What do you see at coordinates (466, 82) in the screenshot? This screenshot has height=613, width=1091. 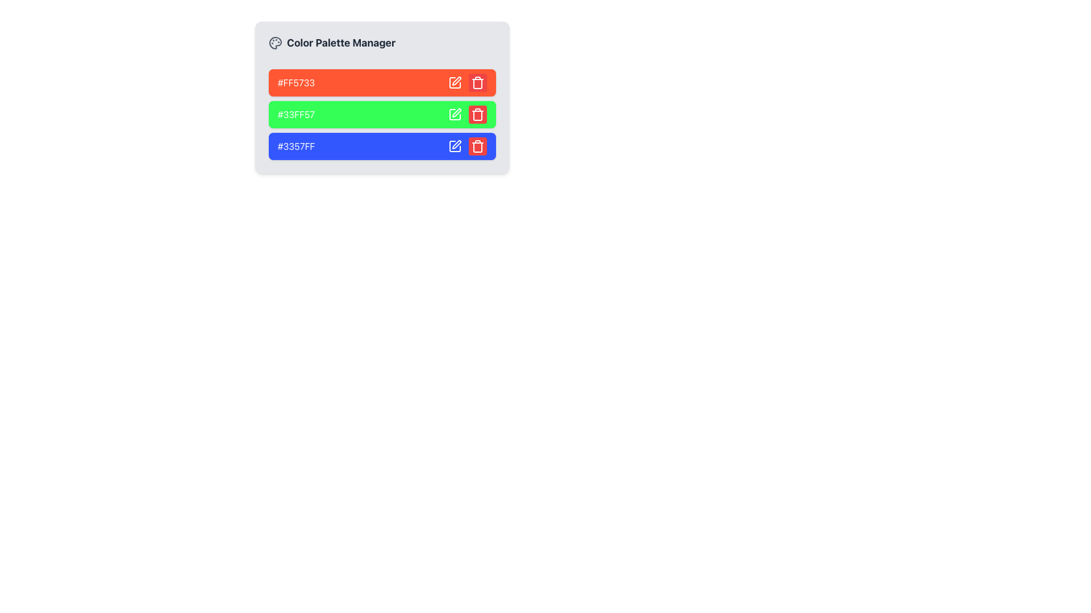 I see `the edit button, which is represented by a pen icon in the horizontal button group located in the right section of the header of the first color entry with a red background labeled '#FF5733'` at bounding box center [466, 82].